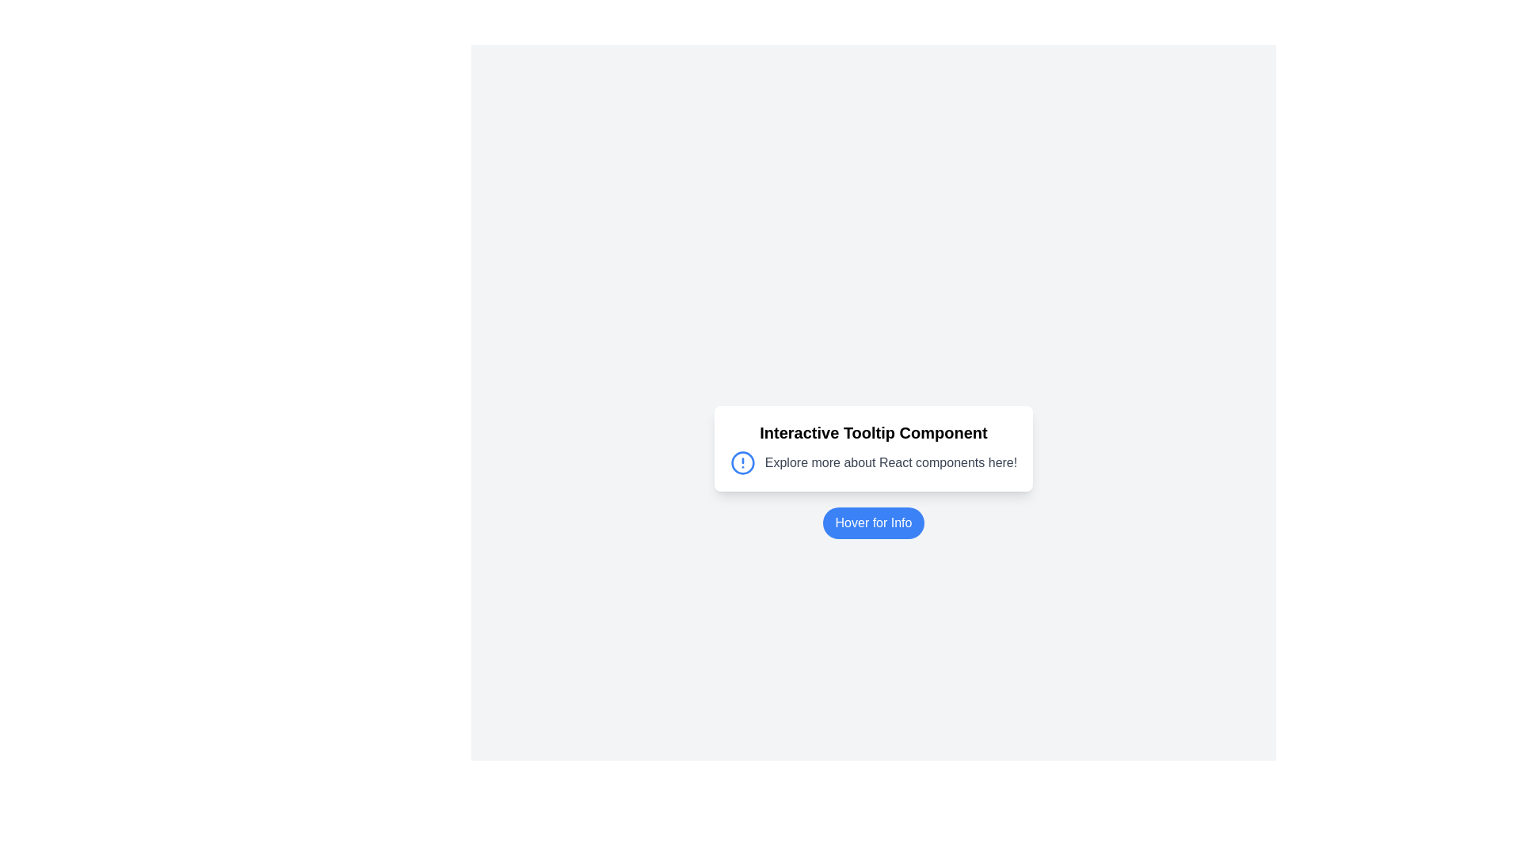 The height and width of the screenshot is (855, 1521). I want to click on the informational tooltip that provides context or guidance about React components, located above the 'Hover for Info' button, so click(873, 449).